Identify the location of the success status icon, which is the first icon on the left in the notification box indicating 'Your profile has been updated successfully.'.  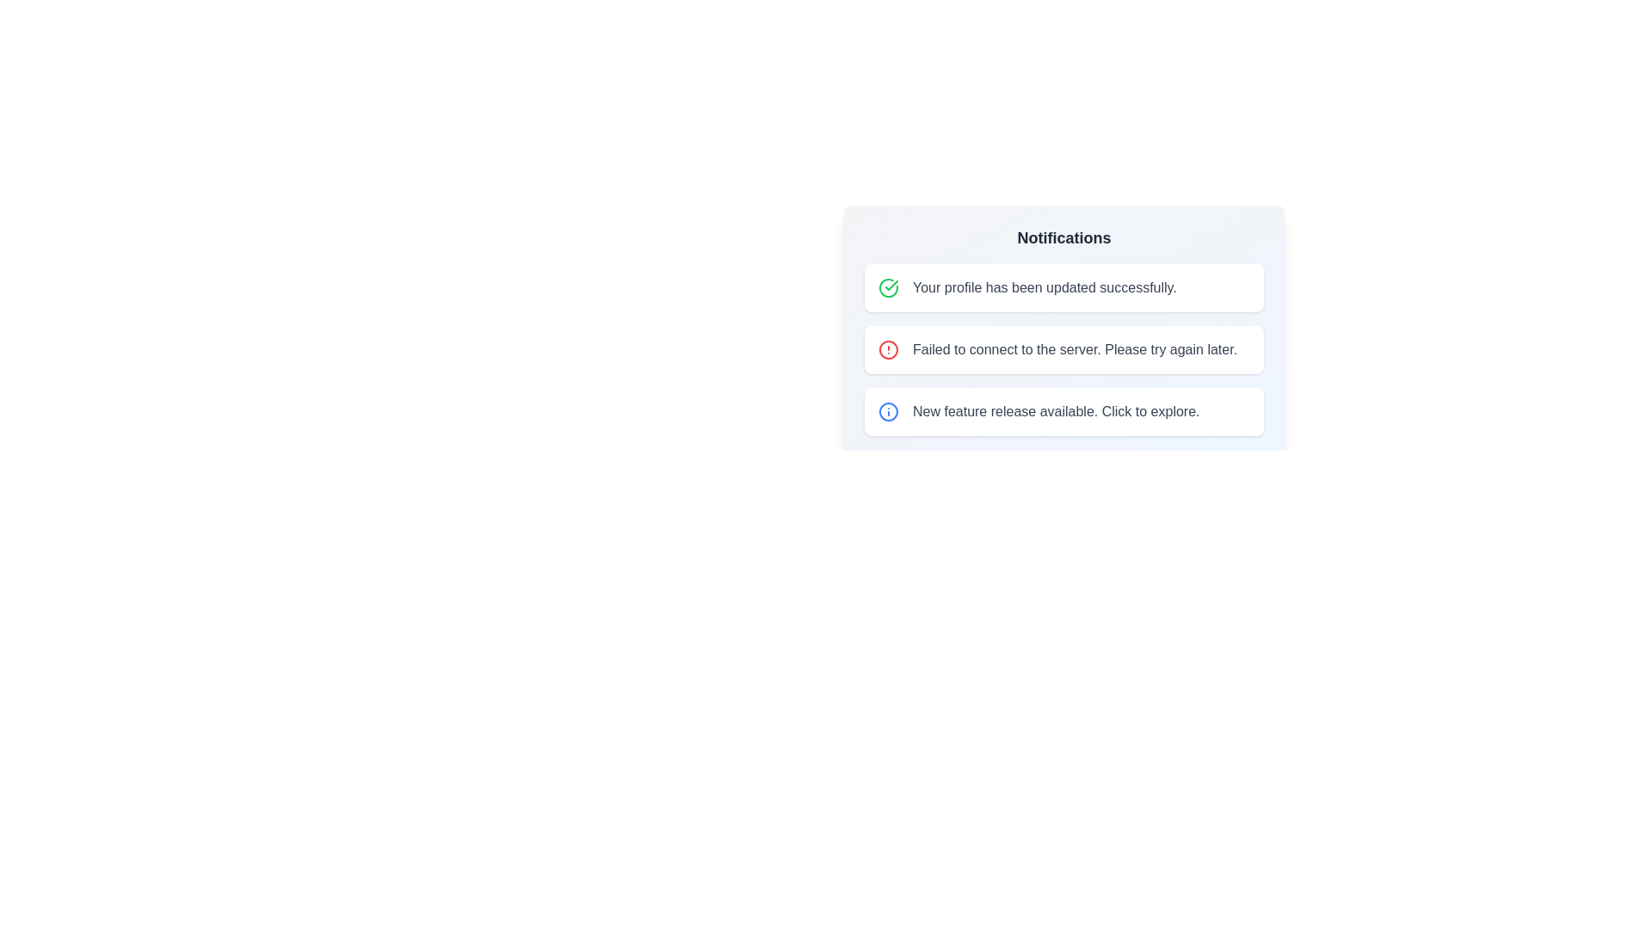
(888, 287).